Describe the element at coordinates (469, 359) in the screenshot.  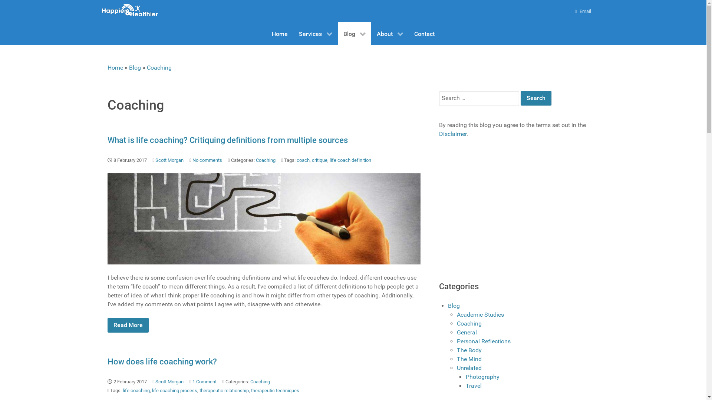
I see `'The Mind'` at that location.